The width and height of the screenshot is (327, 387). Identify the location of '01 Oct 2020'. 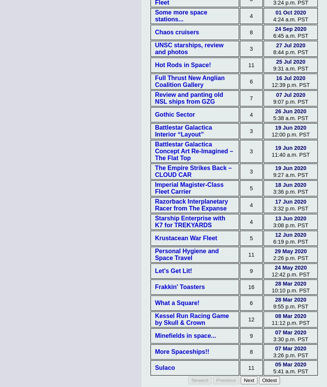
(290, 12).